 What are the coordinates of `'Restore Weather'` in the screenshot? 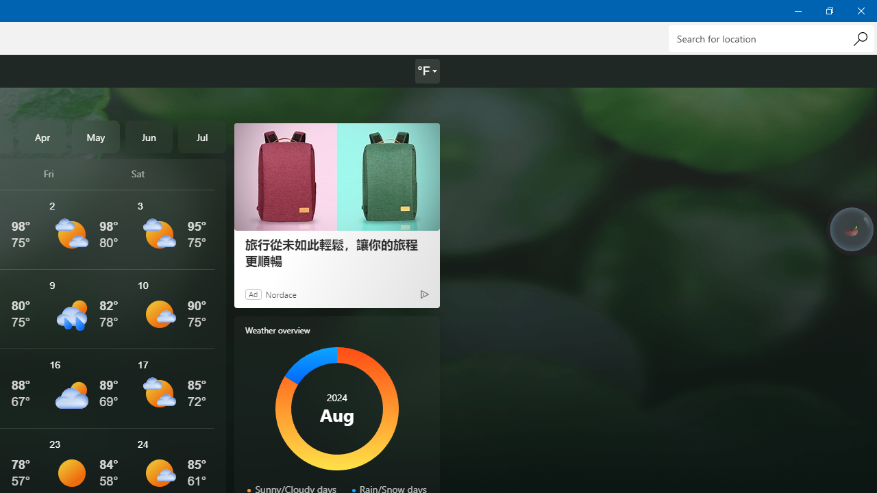 It's located at (828, 10).